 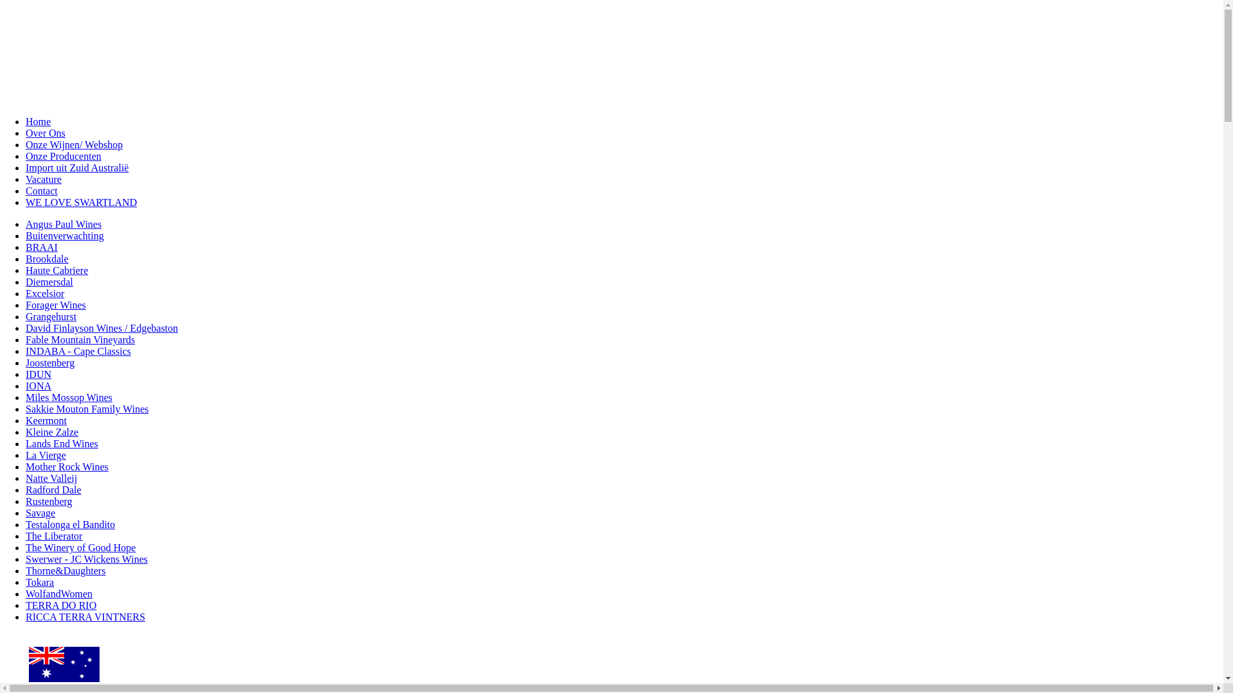 I want to click on 'Kleine Zalze', so click(x=25, y=432).